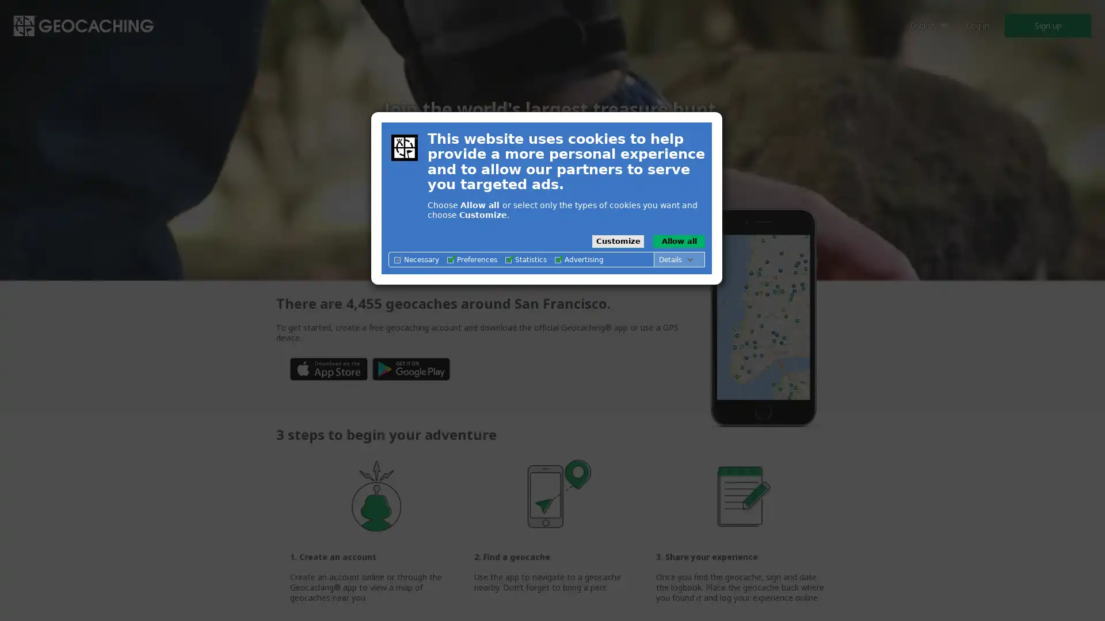 The height and width of the screenshot is (621, 1105). I want to click on Play what is geocaching video, so click(552, 148).